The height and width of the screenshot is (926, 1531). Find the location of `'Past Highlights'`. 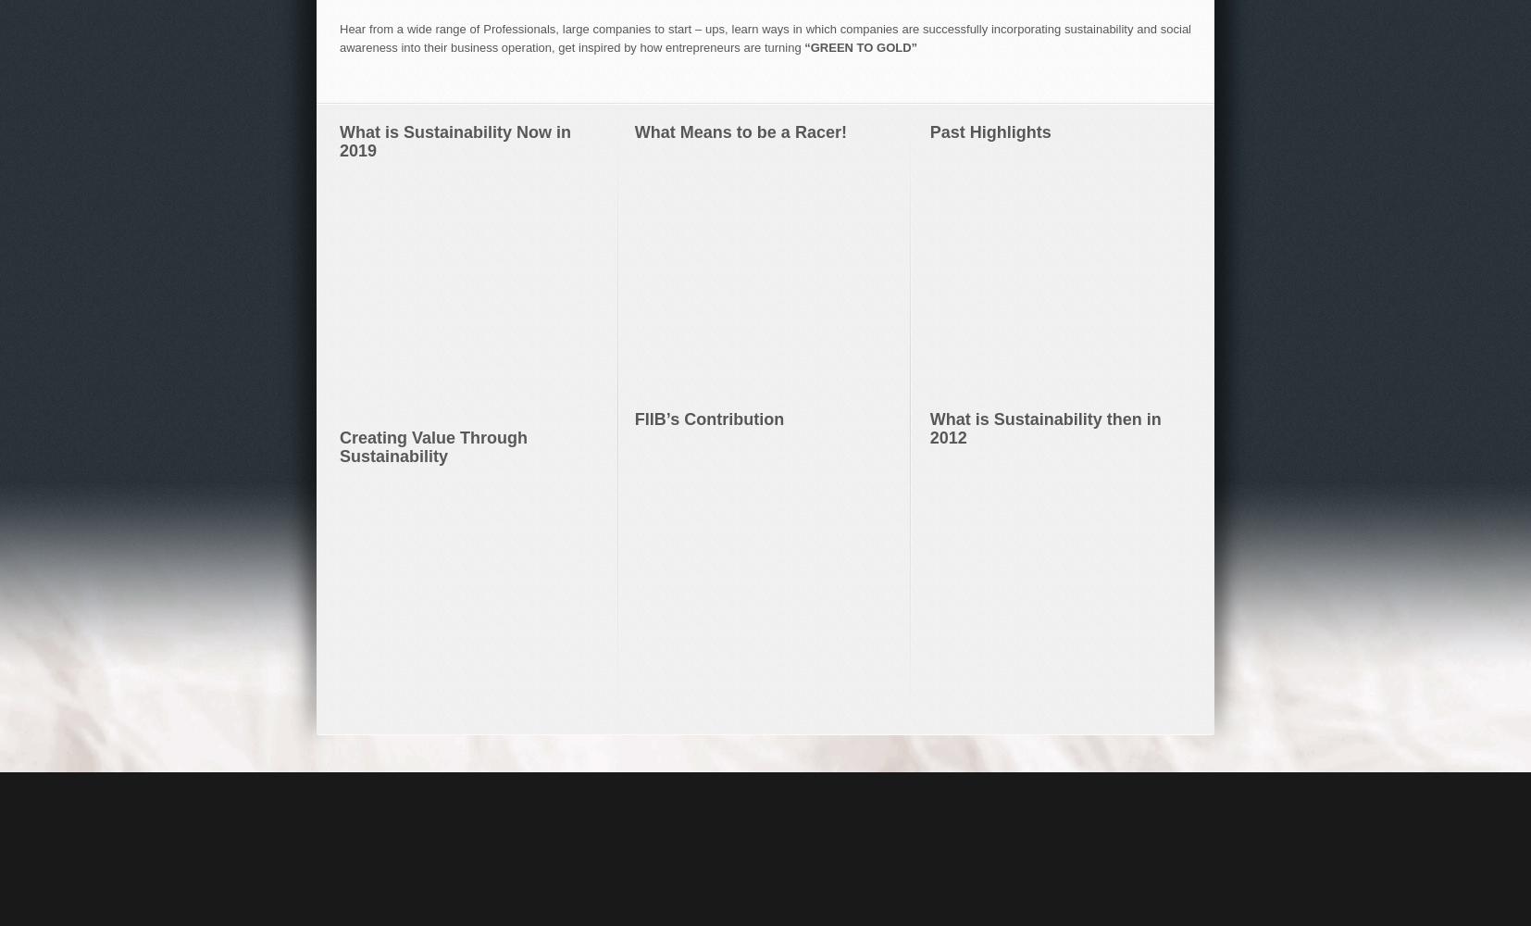

'Past Highlights' is located at coordinates (927, 131).